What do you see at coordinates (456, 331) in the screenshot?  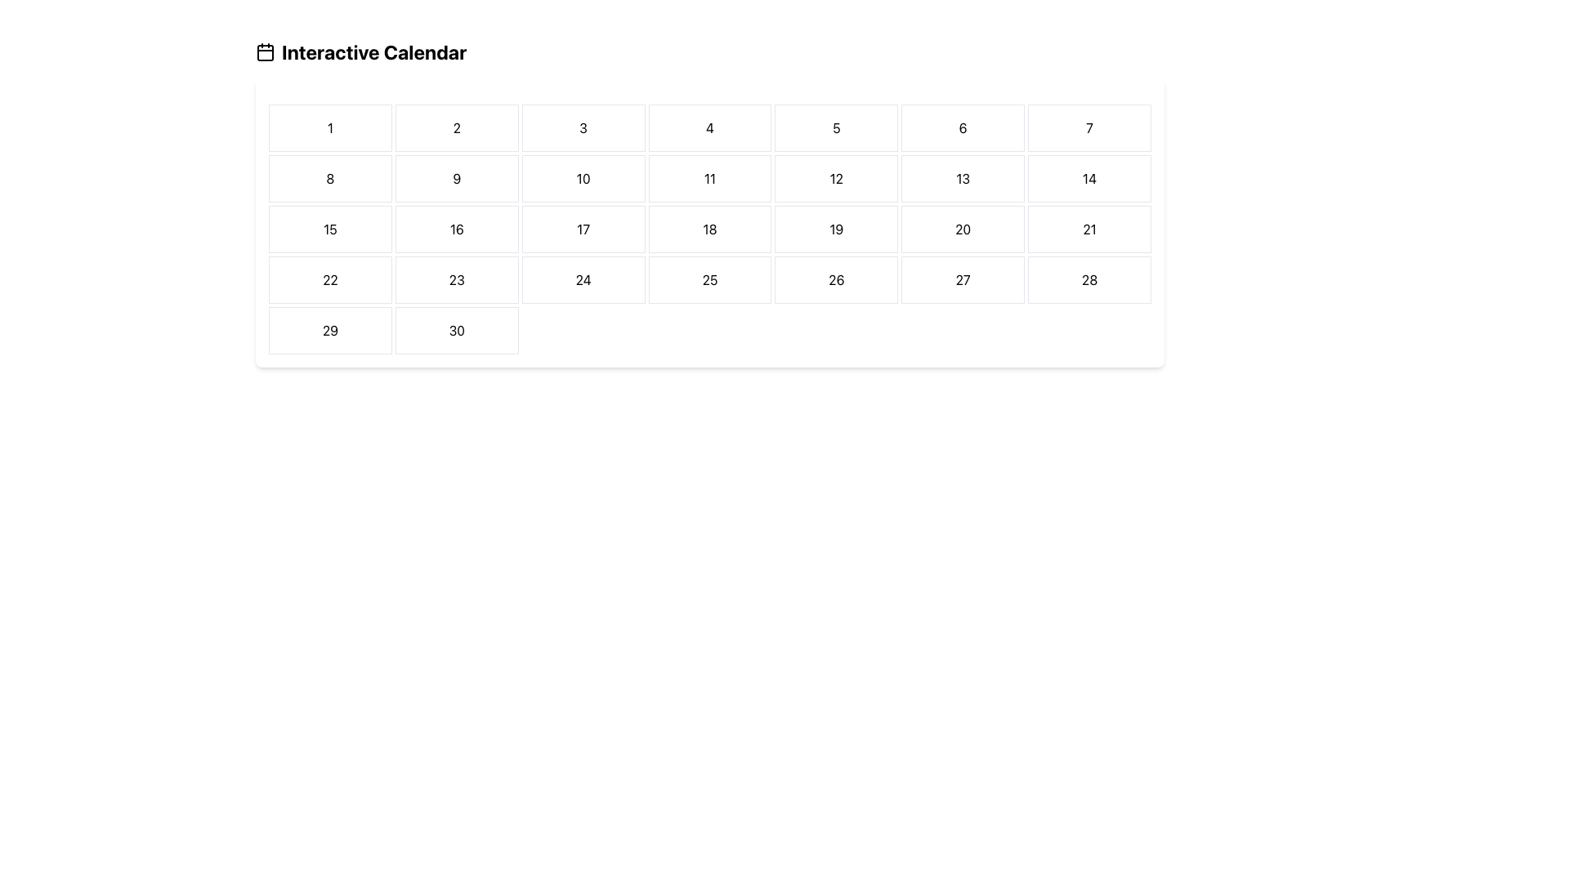 I see `the grid item representing the date '30' in the calendar view` at bounding box center [456, 331].